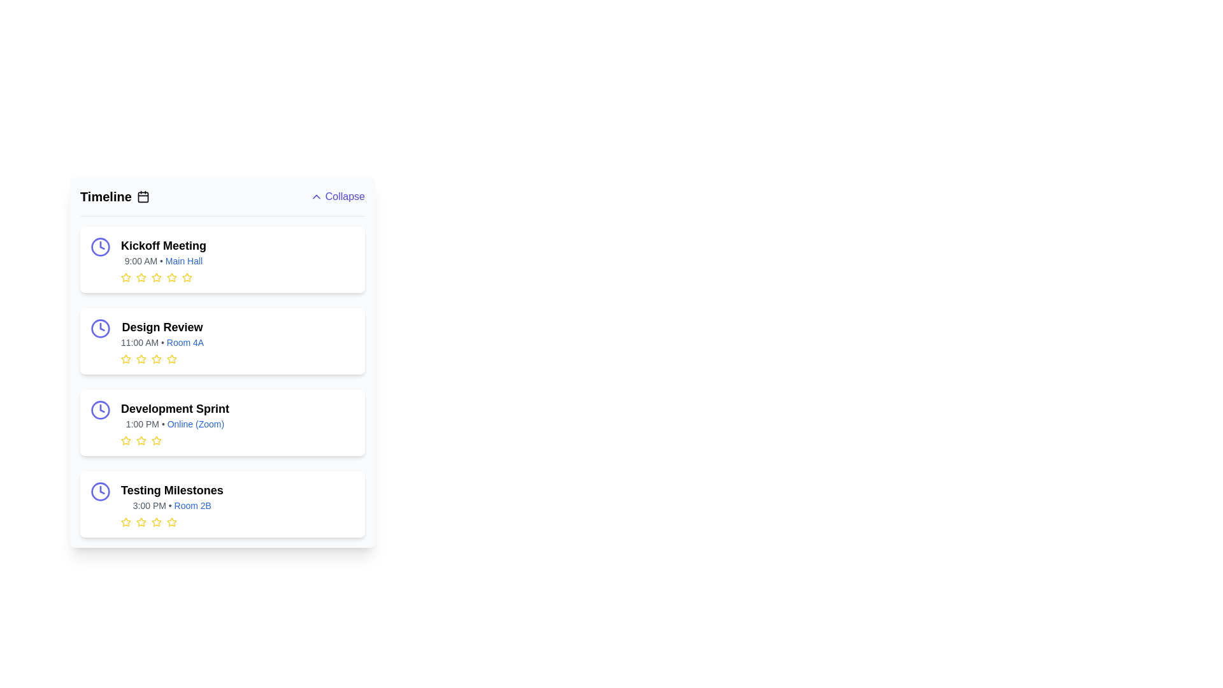 The image size is (1223, 688). Describe the element at coordinates (185, 341) in the screenshot. I see `the text element displaying 'Room 4A', which is styled in blue and part of the 'Design Review' card, located directly after '11:00 AM'` at that location.